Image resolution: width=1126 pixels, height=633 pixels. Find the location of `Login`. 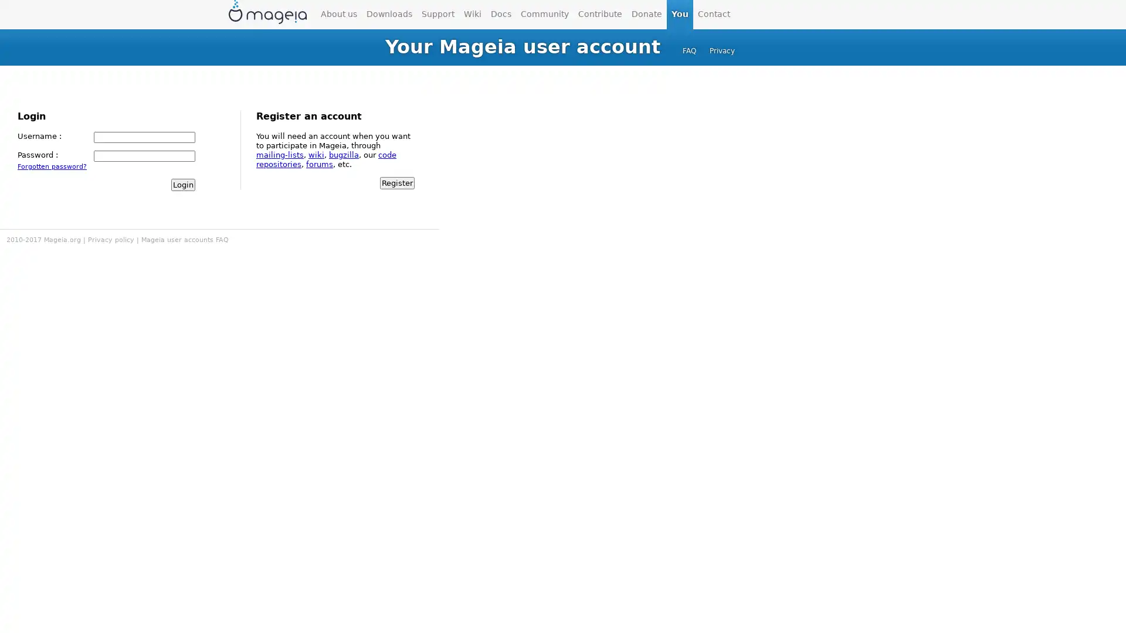

Login is located at coordinates (182, 184).